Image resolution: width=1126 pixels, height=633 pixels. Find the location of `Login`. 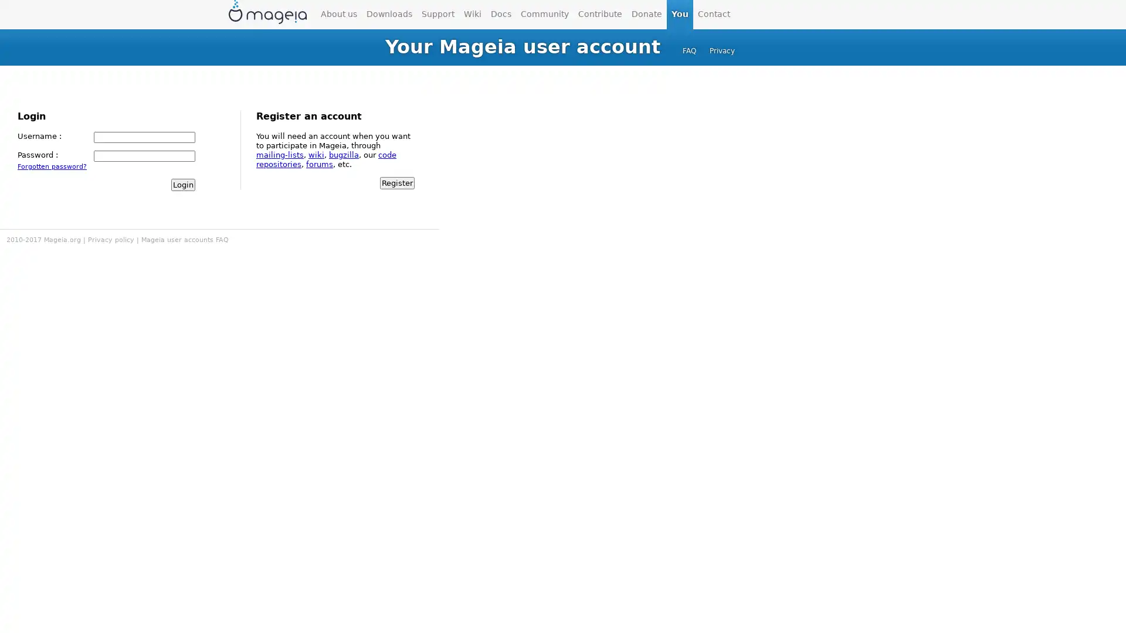

Login is located at coordinates (182, 184).